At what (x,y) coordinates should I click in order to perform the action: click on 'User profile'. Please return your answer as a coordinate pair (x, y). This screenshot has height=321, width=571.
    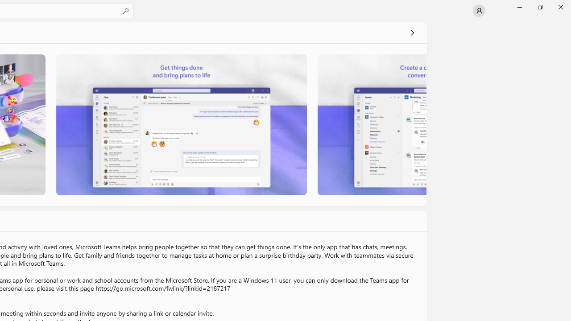
    Looking at the image, I should click on (478, 11).